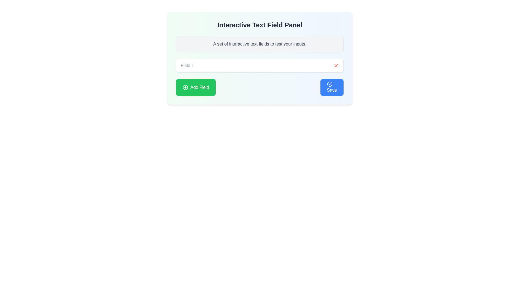  What do you see at coordinates (330, 84) in the screenshot?
I see `the decorative graphical icon located within the bottom-right region of the 'Save' button, which visually communicates the status of the save action` at bounding box center [330, 84].